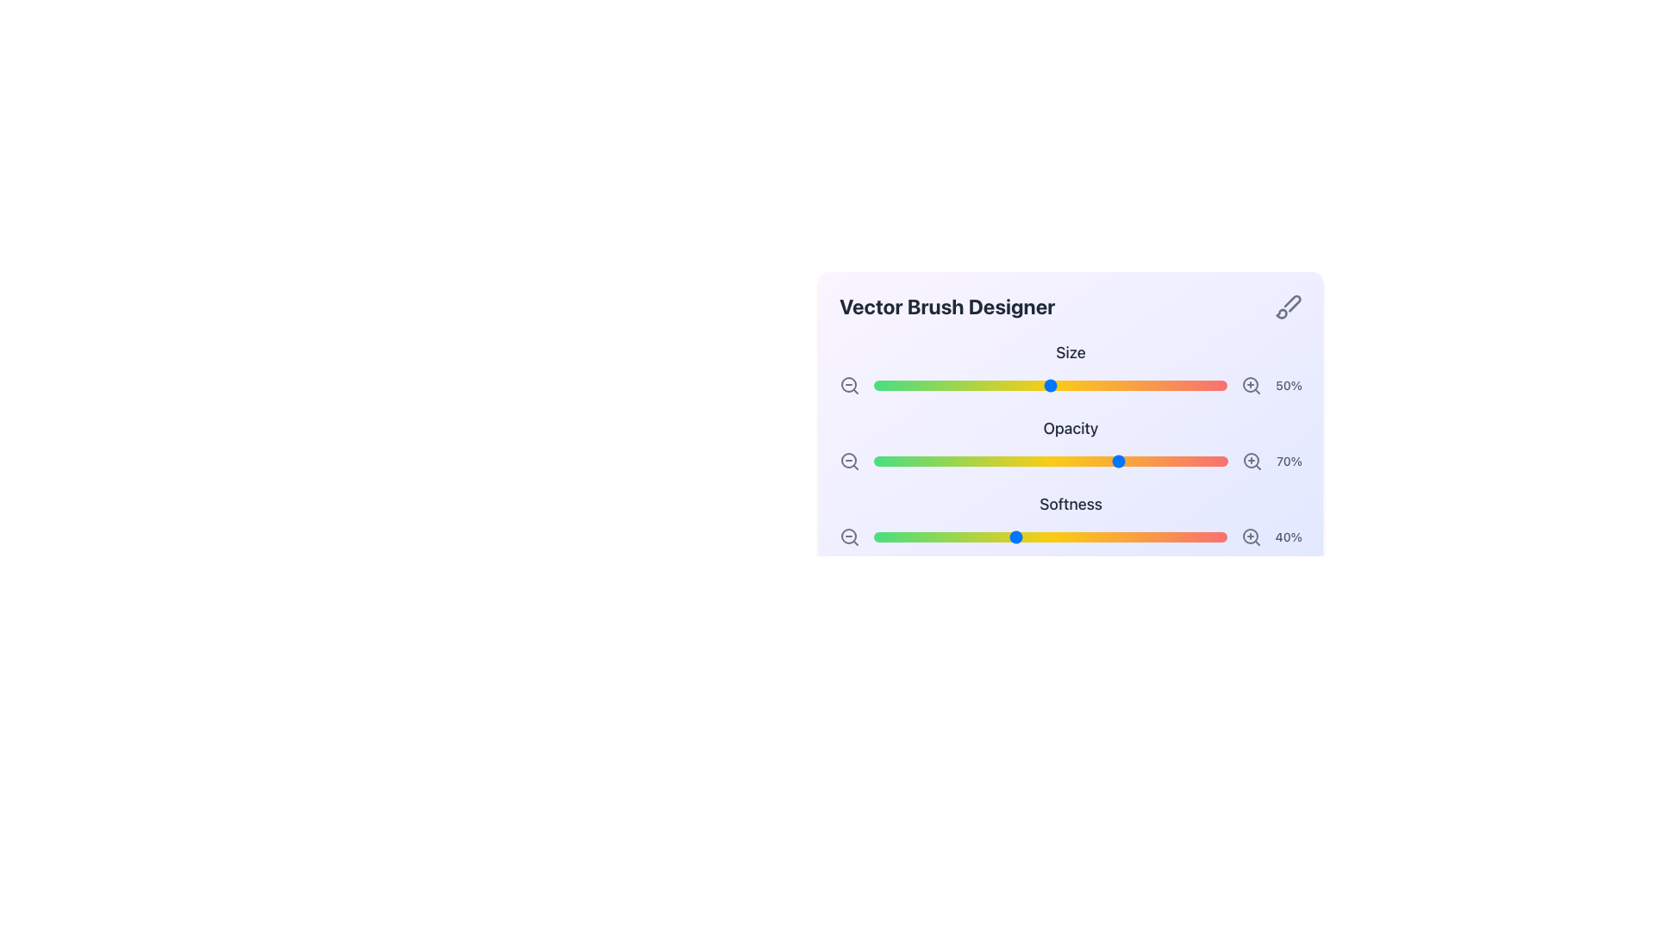 Image resolution: width=1655 pixels, height=930 pixels. I want to click on the circular zoom-out button with a magnifying glass and minus sign located on the leftmost side of the row containing the '40%' label and the softness adjustment slider, so click(849, 536).